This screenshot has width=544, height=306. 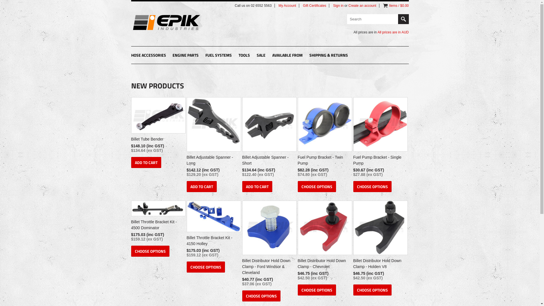 What do you see at coordinates (379, 264) in the screenshot?
I see `'Billet Distributor Hold Down Clamp - Holden V8'` at bounding box center [379, 264].